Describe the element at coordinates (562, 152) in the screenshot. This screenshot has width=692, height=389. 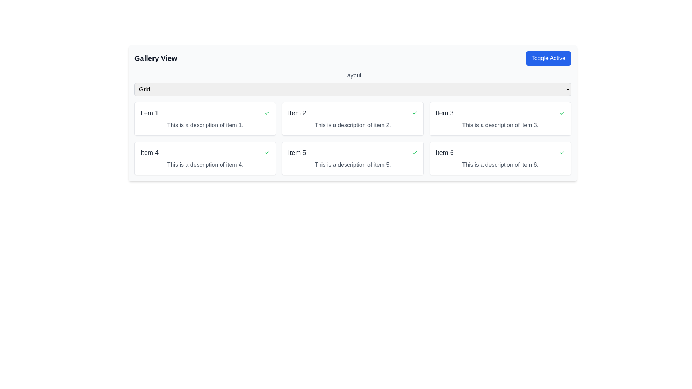
I see `the icon located in the upper-right corner of the card labeled 'Item 6', which indicates completion or activation` at that location.